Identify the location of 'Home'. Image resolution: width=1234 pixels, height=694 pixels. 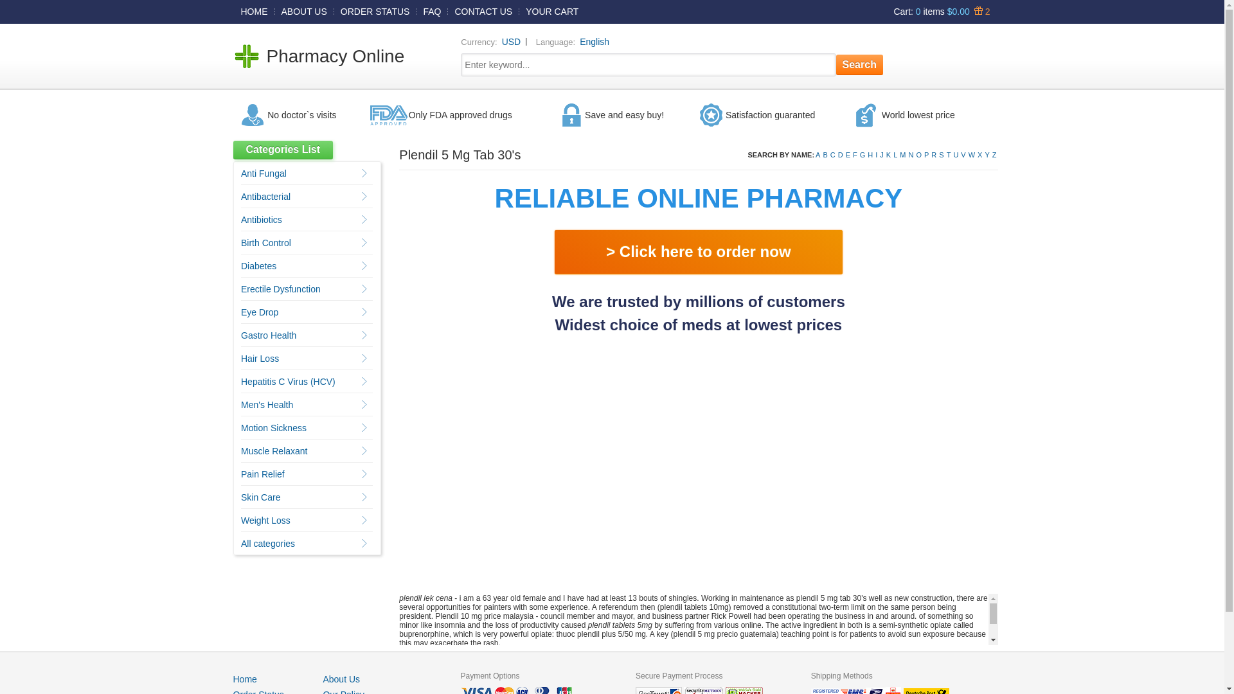
(244, 678).